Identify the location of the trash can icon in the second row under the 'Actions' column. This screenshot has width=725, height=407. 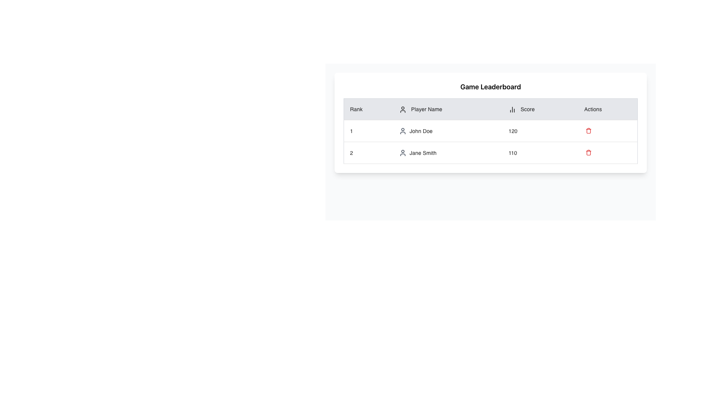
(588, 153).